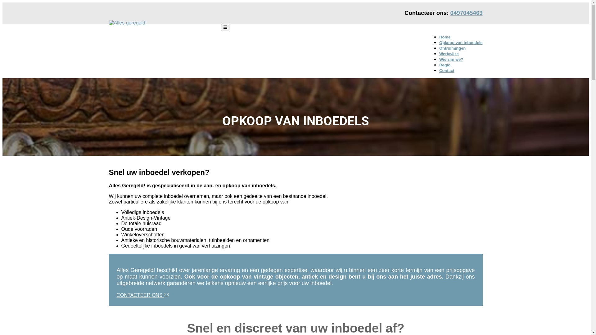 The height and width of the screenshot is (335, 596). I want to click on 'Opkoop van inboedels', so click(439, 42).